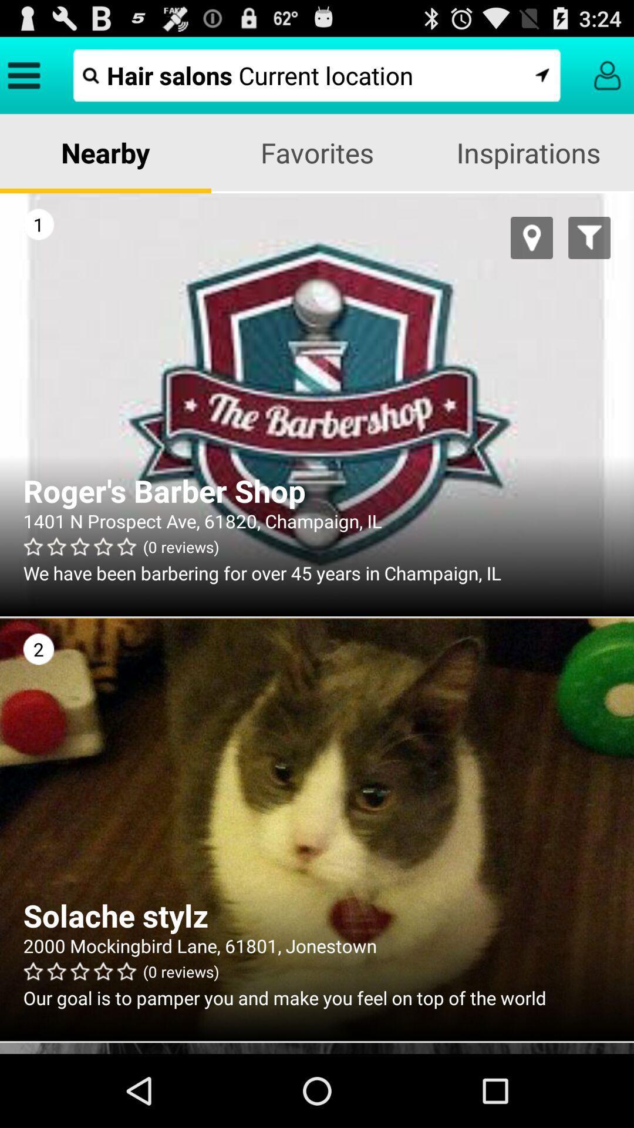 Image resolution: width=634 pixels, height=1128 pixels. What do you see at coordinates (106, 152) in the screenshot?
I see `app below the hair salons current app` at bounding box center [106, 152].